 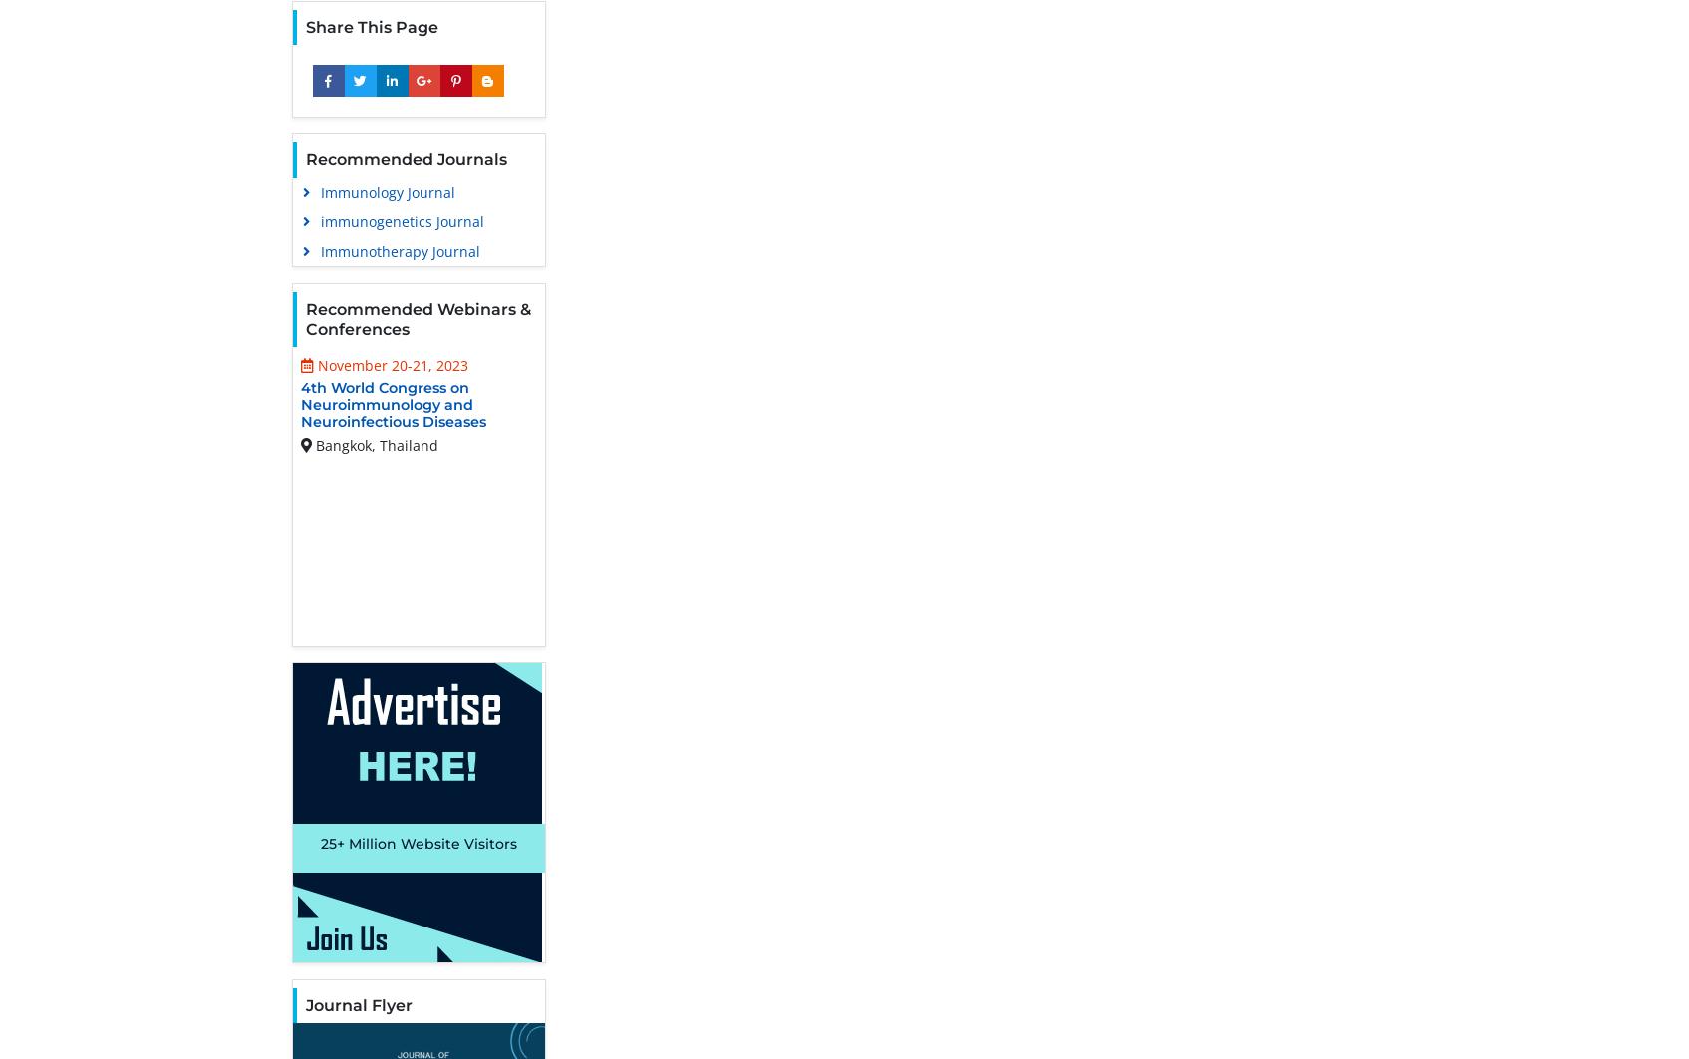 What do you see at coordinates (331, 842) in the screenshot?
I see `'25+'` at bounding box center [331, 842].